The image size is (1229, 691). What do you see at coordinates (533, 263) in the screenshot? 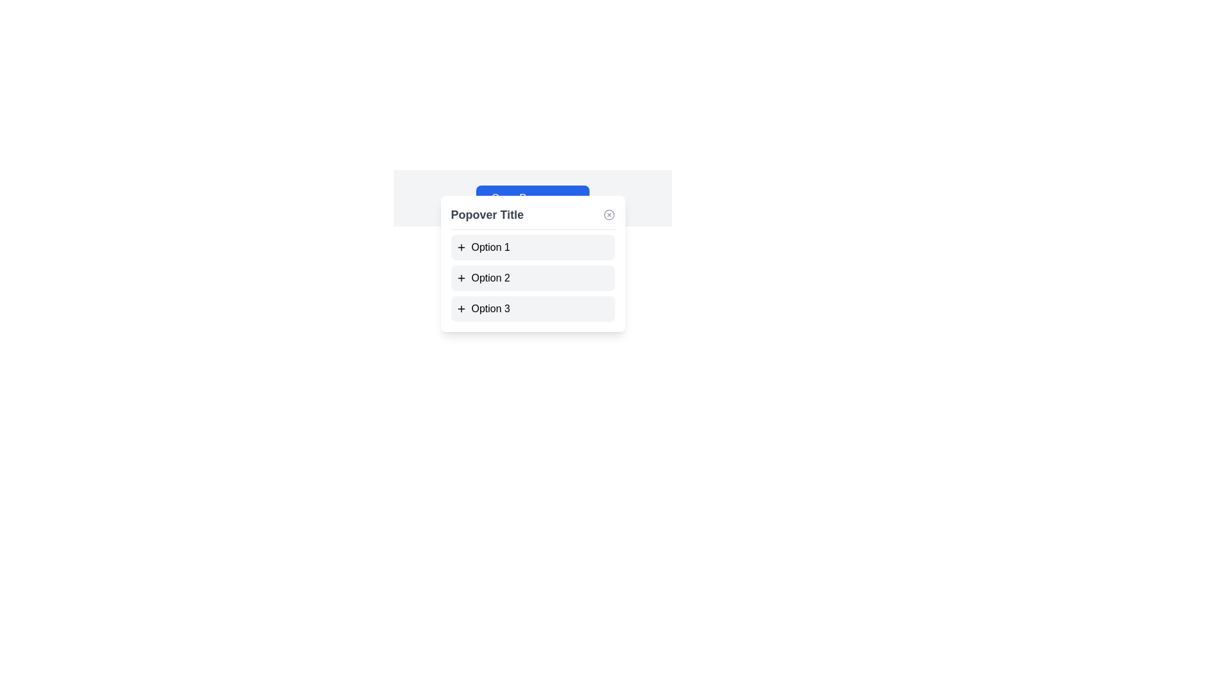
I see `the interactive menu element titled 'Popover Title'` at bounding box center [533, 263].